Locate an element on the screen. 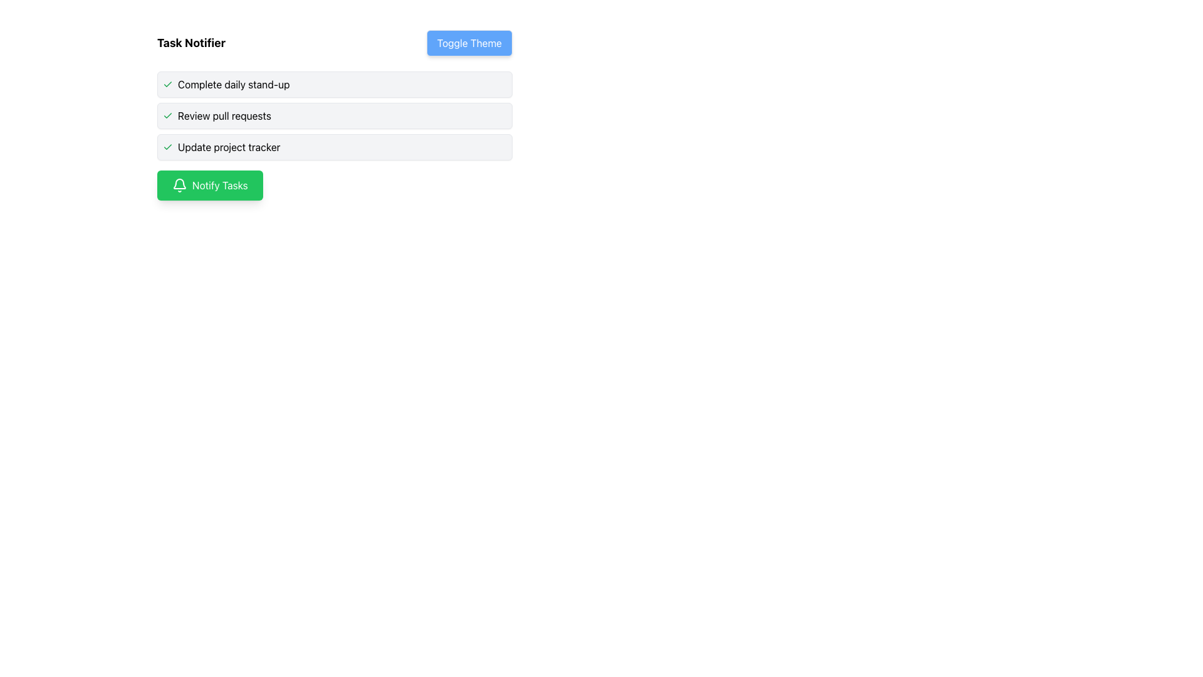 Image resolution: width=1203 pixels, height=677 pixels. the state of the checkmark icon located beside the text 'Complete daily stand-up' in the task list is located at coordinates (167, 85).